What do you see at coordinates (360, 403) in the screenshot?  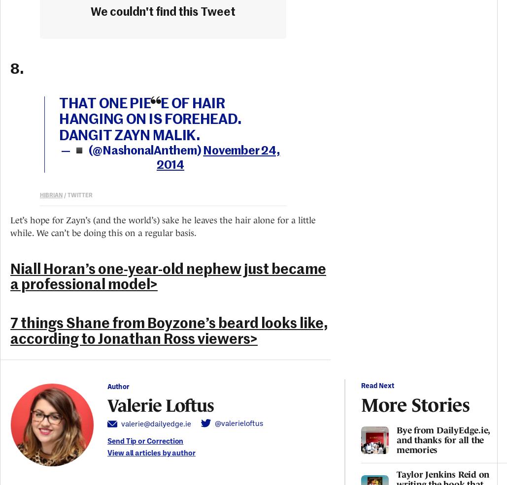 I see `'More Stories'` at bounding box center [360, 403].